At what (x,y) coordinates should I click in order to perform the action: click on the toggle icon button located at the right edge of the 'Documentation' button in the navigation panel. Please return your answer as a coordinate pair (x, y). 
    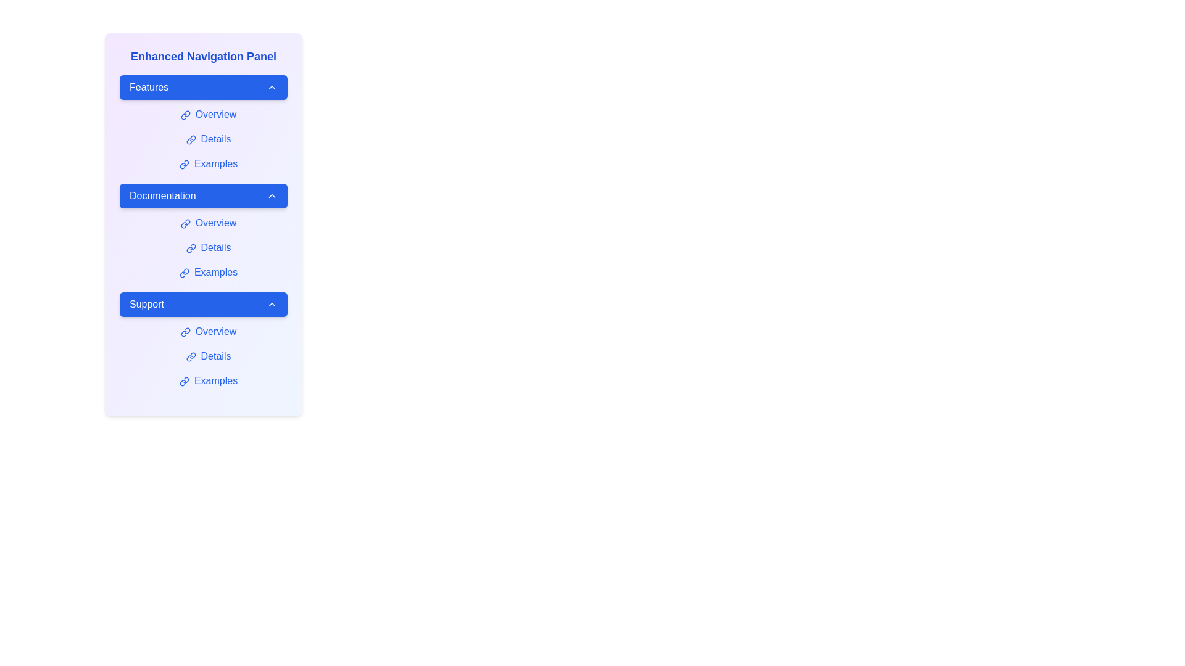
    Looking at the image, I should click on (272, 195).